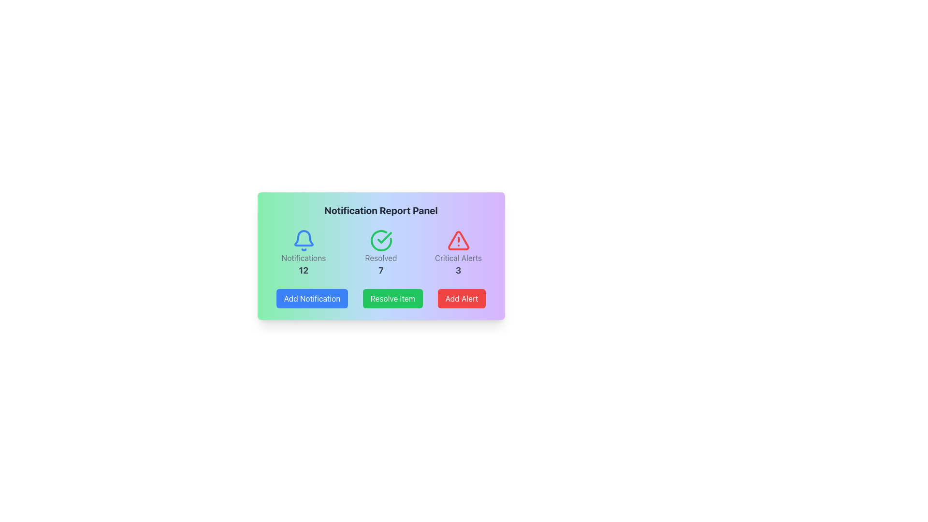 This screenshot has width=928, height=522. What do you see at coordinates (380, 240) in the screenshot?
I see `the confirmation icon indicating a completed status located in the 'Resolved' section above the number '7'` at bounding box center [380, 240].